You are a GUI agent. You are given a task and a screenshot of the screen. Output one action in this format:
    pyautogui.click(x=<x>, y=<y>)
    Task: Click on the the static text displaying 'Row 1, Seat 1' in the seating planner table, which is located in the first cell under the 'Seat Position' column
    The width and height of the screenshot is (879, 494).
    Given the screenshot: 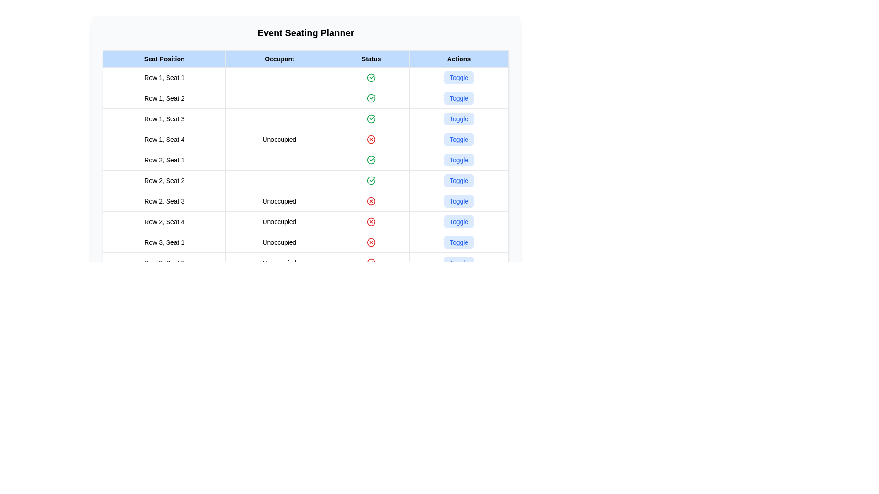 What is the action you would take?
    pyautogui.click(x=164, y=77)
    